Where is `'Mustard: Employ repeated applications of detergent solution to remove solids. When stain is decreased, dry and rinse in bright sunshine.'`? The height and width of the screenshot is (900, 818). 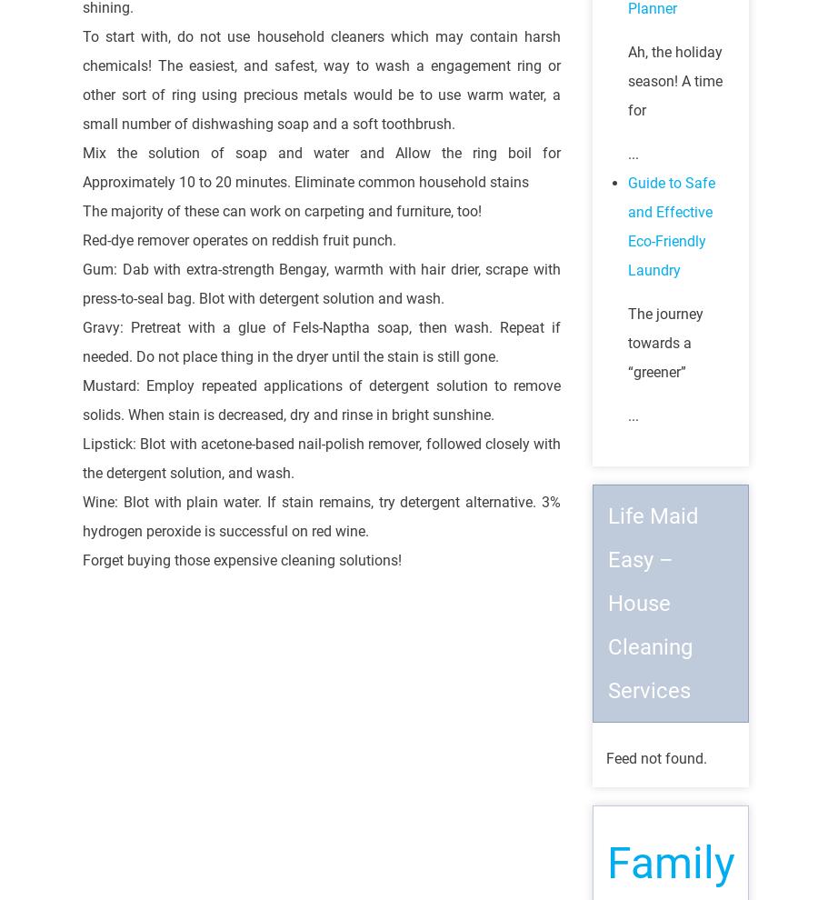 'Mustard: Employ repeated applications of detergent solution to remove solids. When stain is decreased, dry and rinse in bright sunshine.' is located at coordinates (81, 398).